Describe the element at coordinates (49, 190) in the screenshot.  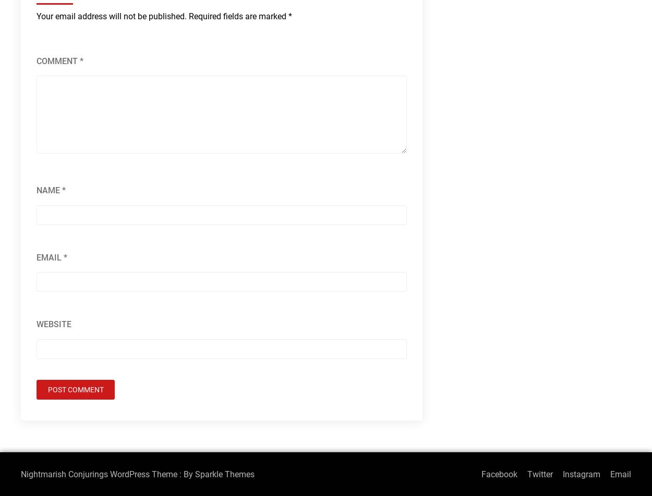
I see `'Name'` at that location.